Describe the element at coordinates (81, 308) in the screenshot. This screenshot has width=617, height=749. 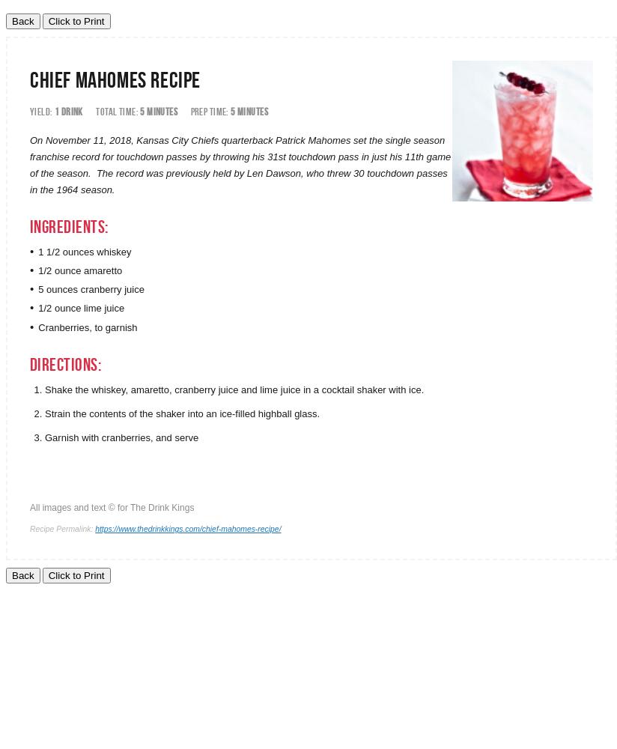
I see `'1/2 ounce lime juice'` at that location.